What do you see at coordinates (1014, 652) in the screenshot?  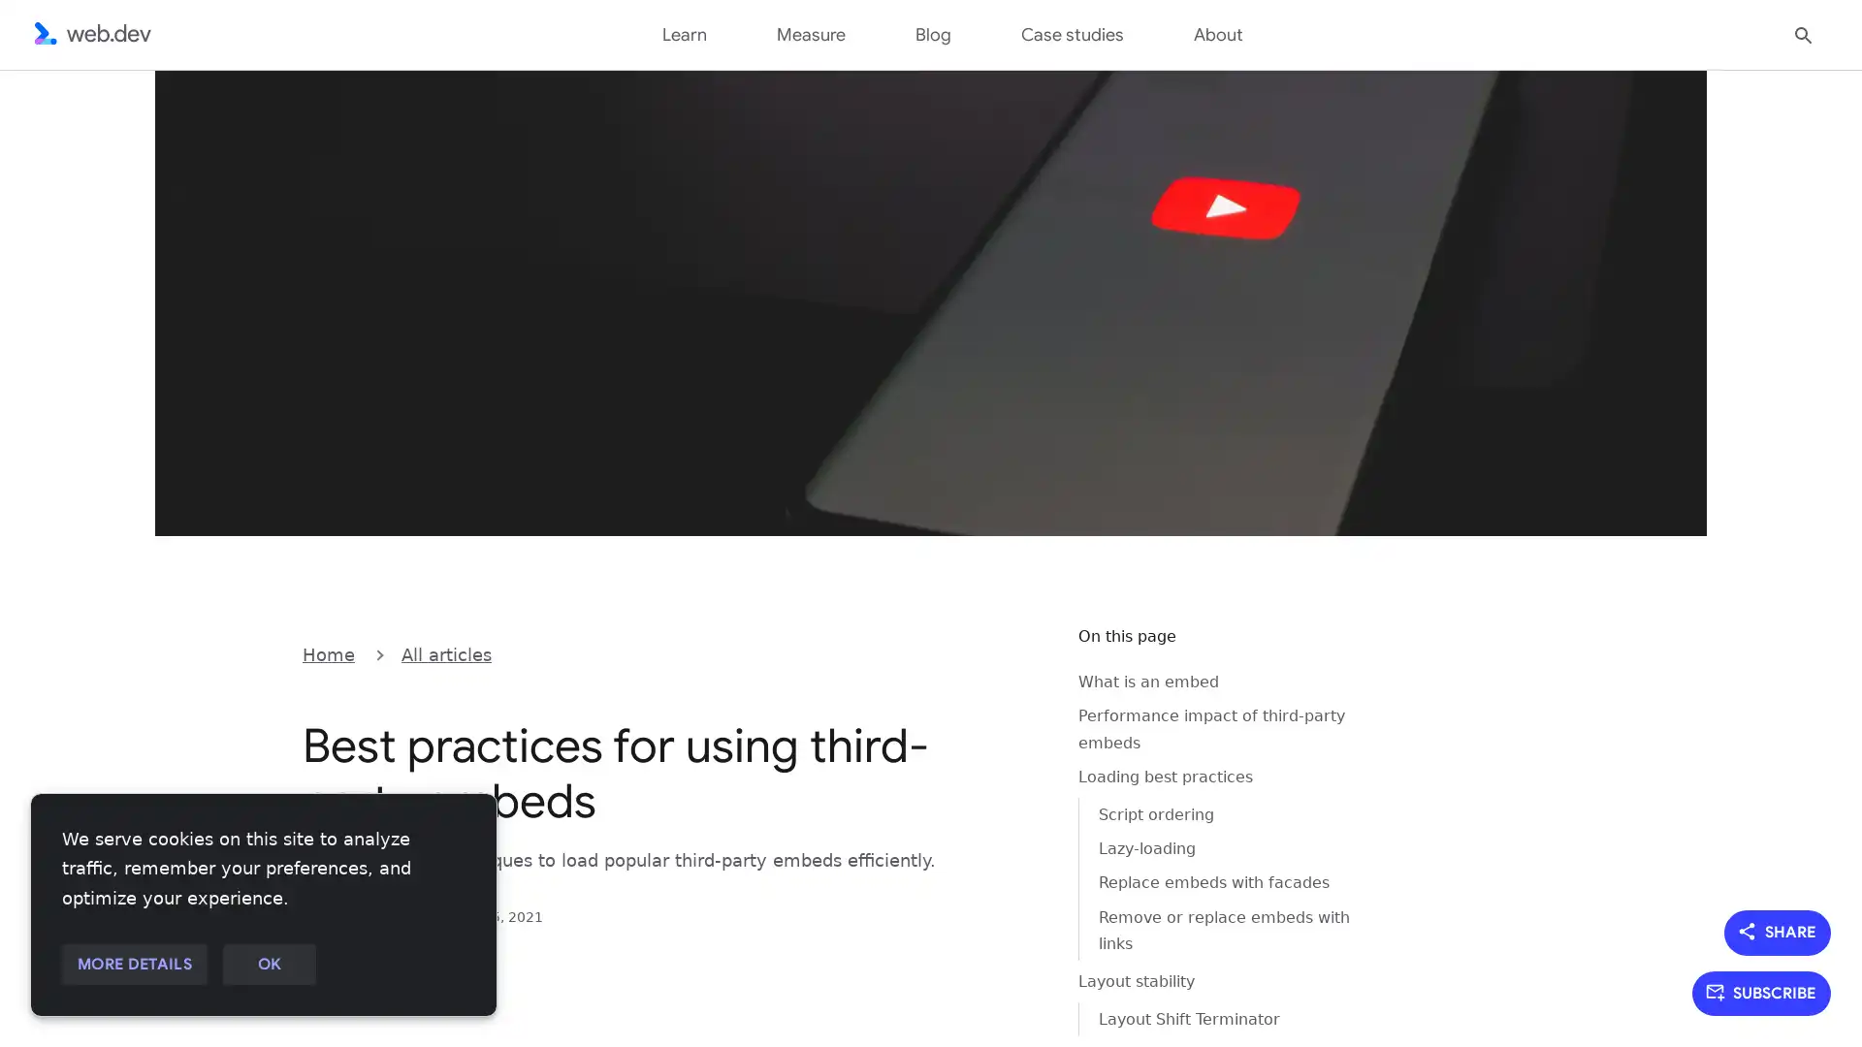 I see `Copy code` at bounding box center [1014, 652].